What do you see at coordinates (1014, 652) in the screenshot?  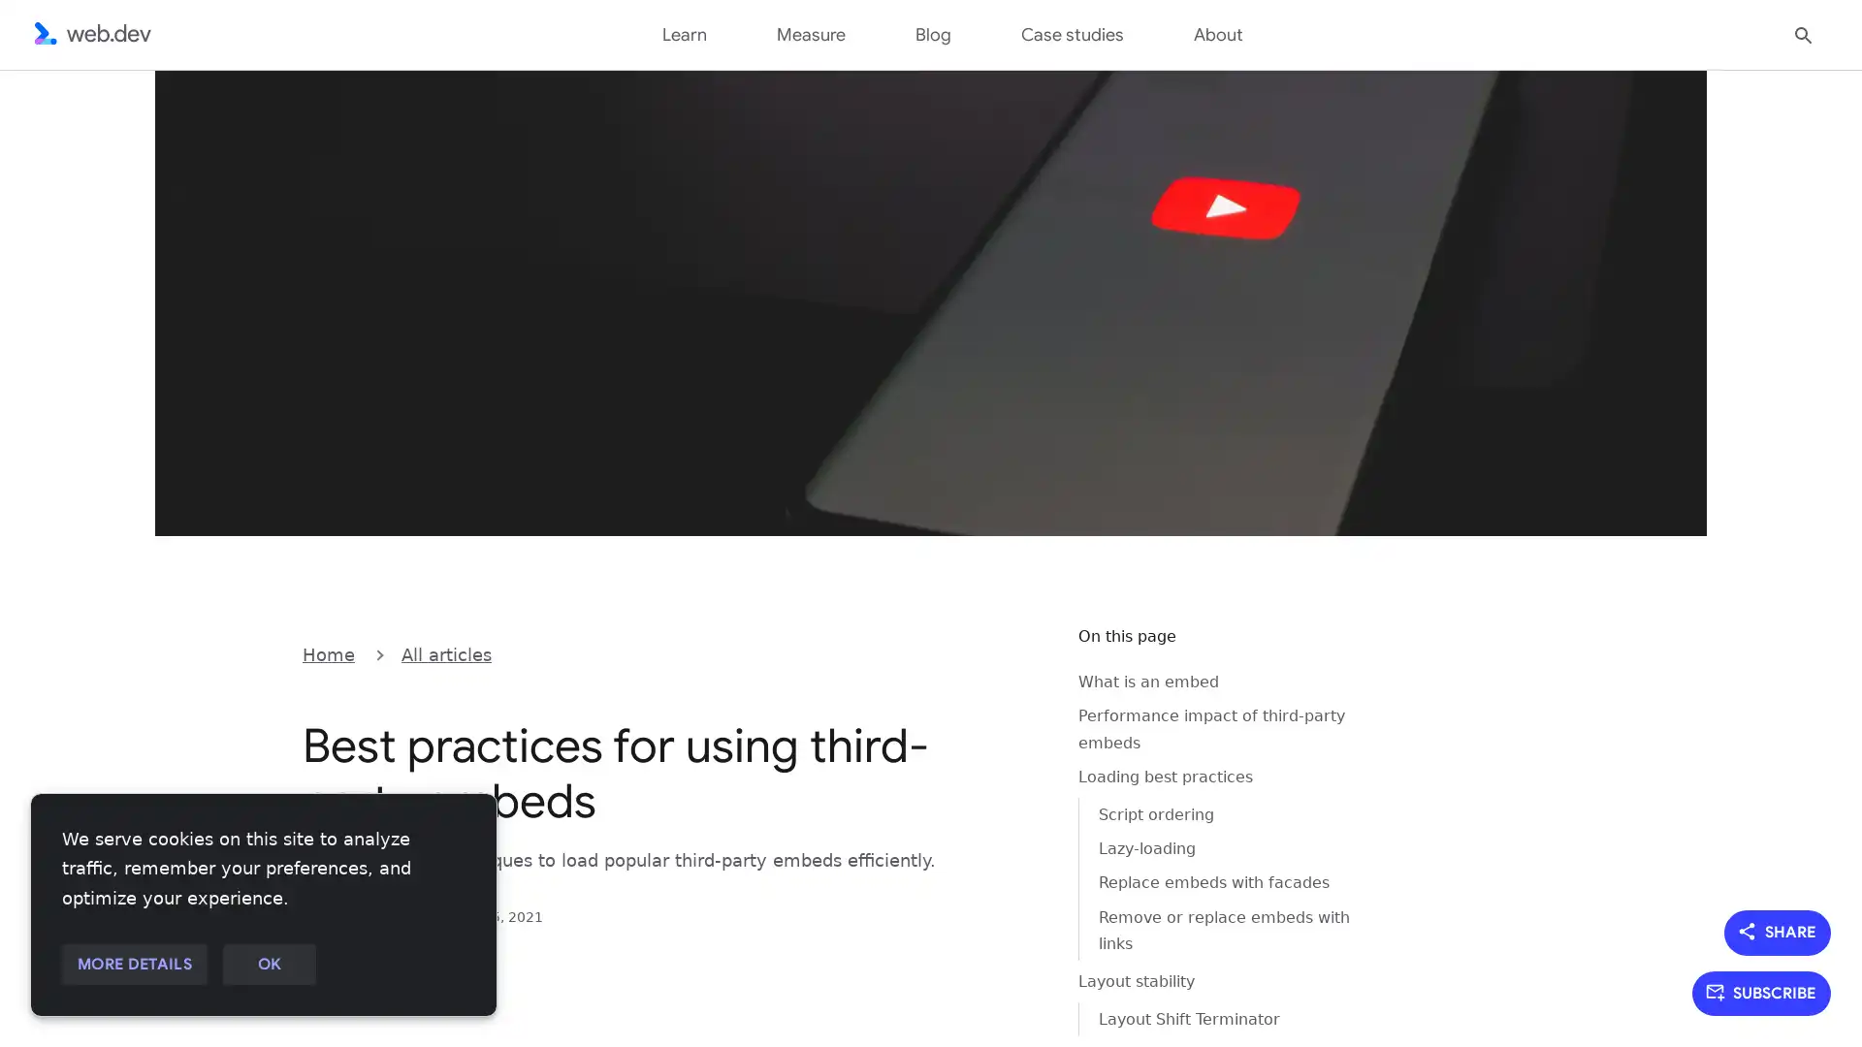 I see `Copy code` at bounding box center [1014, 652].